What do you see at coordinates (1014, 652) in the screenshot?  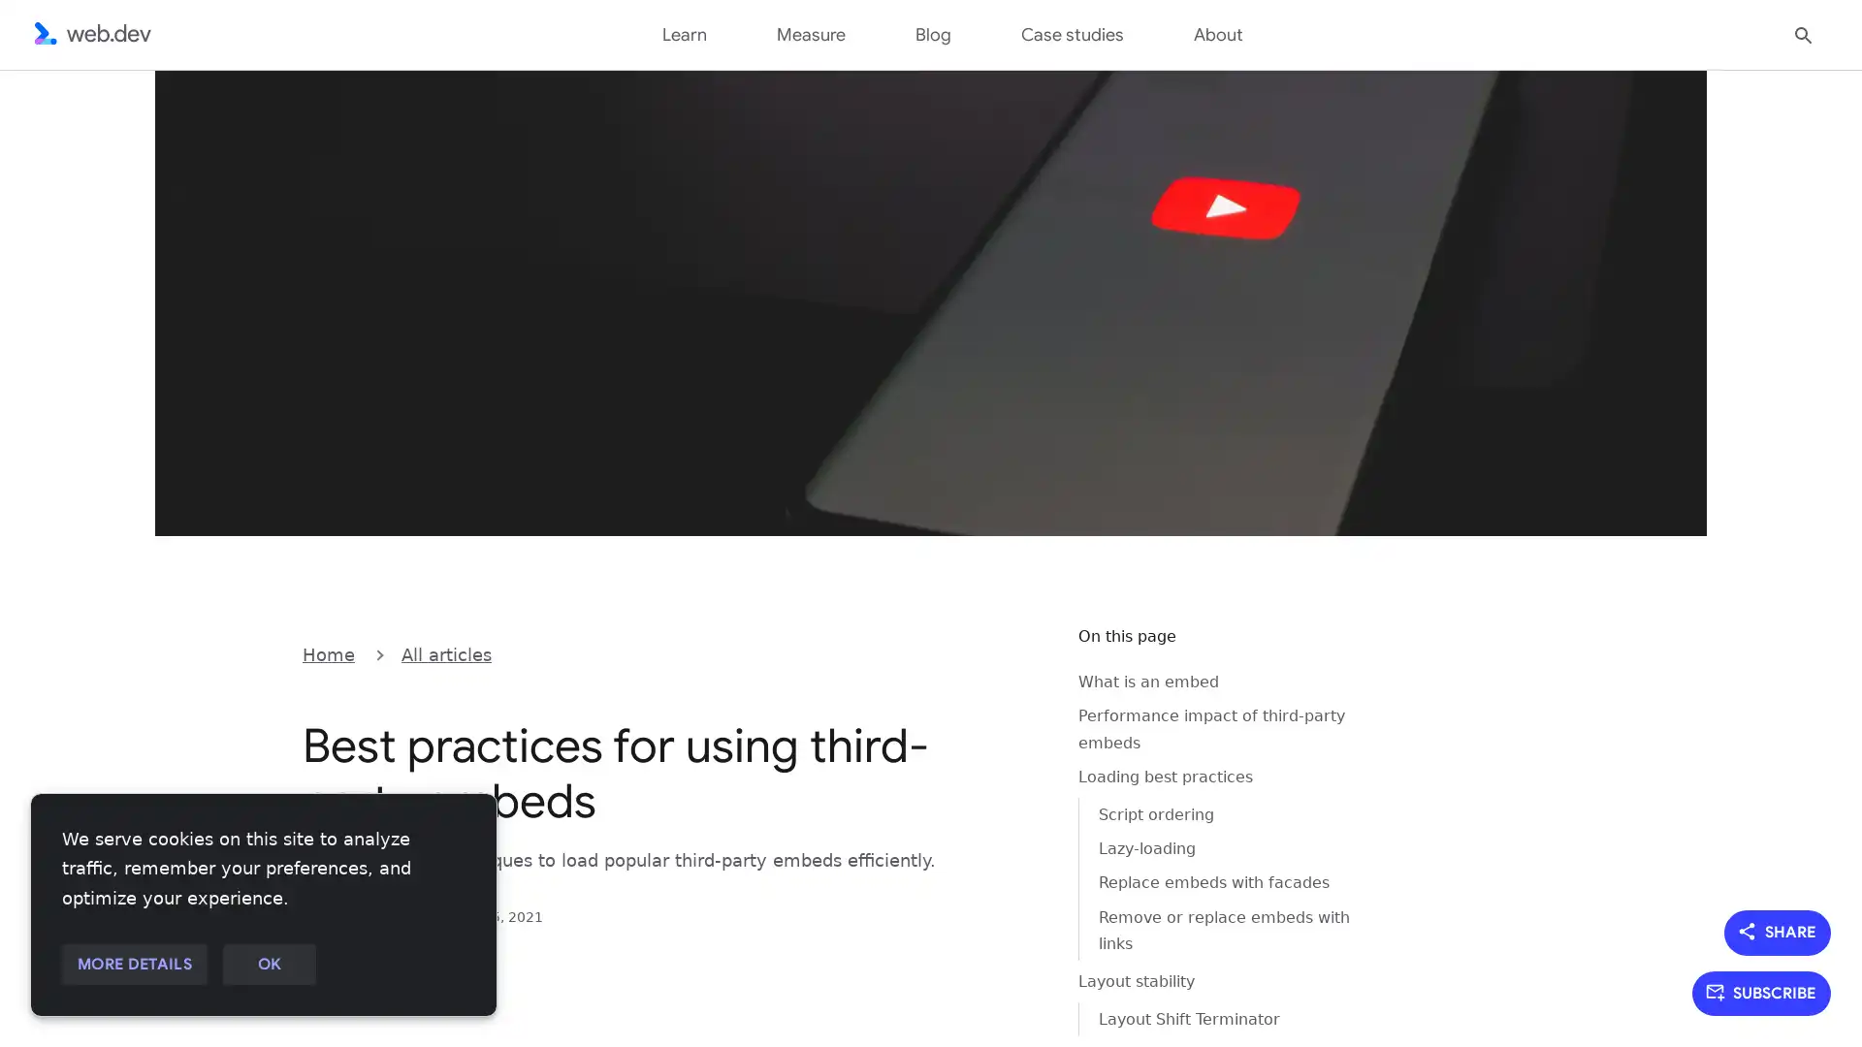 I see `Copy code` at bounding box center [1014, 652].